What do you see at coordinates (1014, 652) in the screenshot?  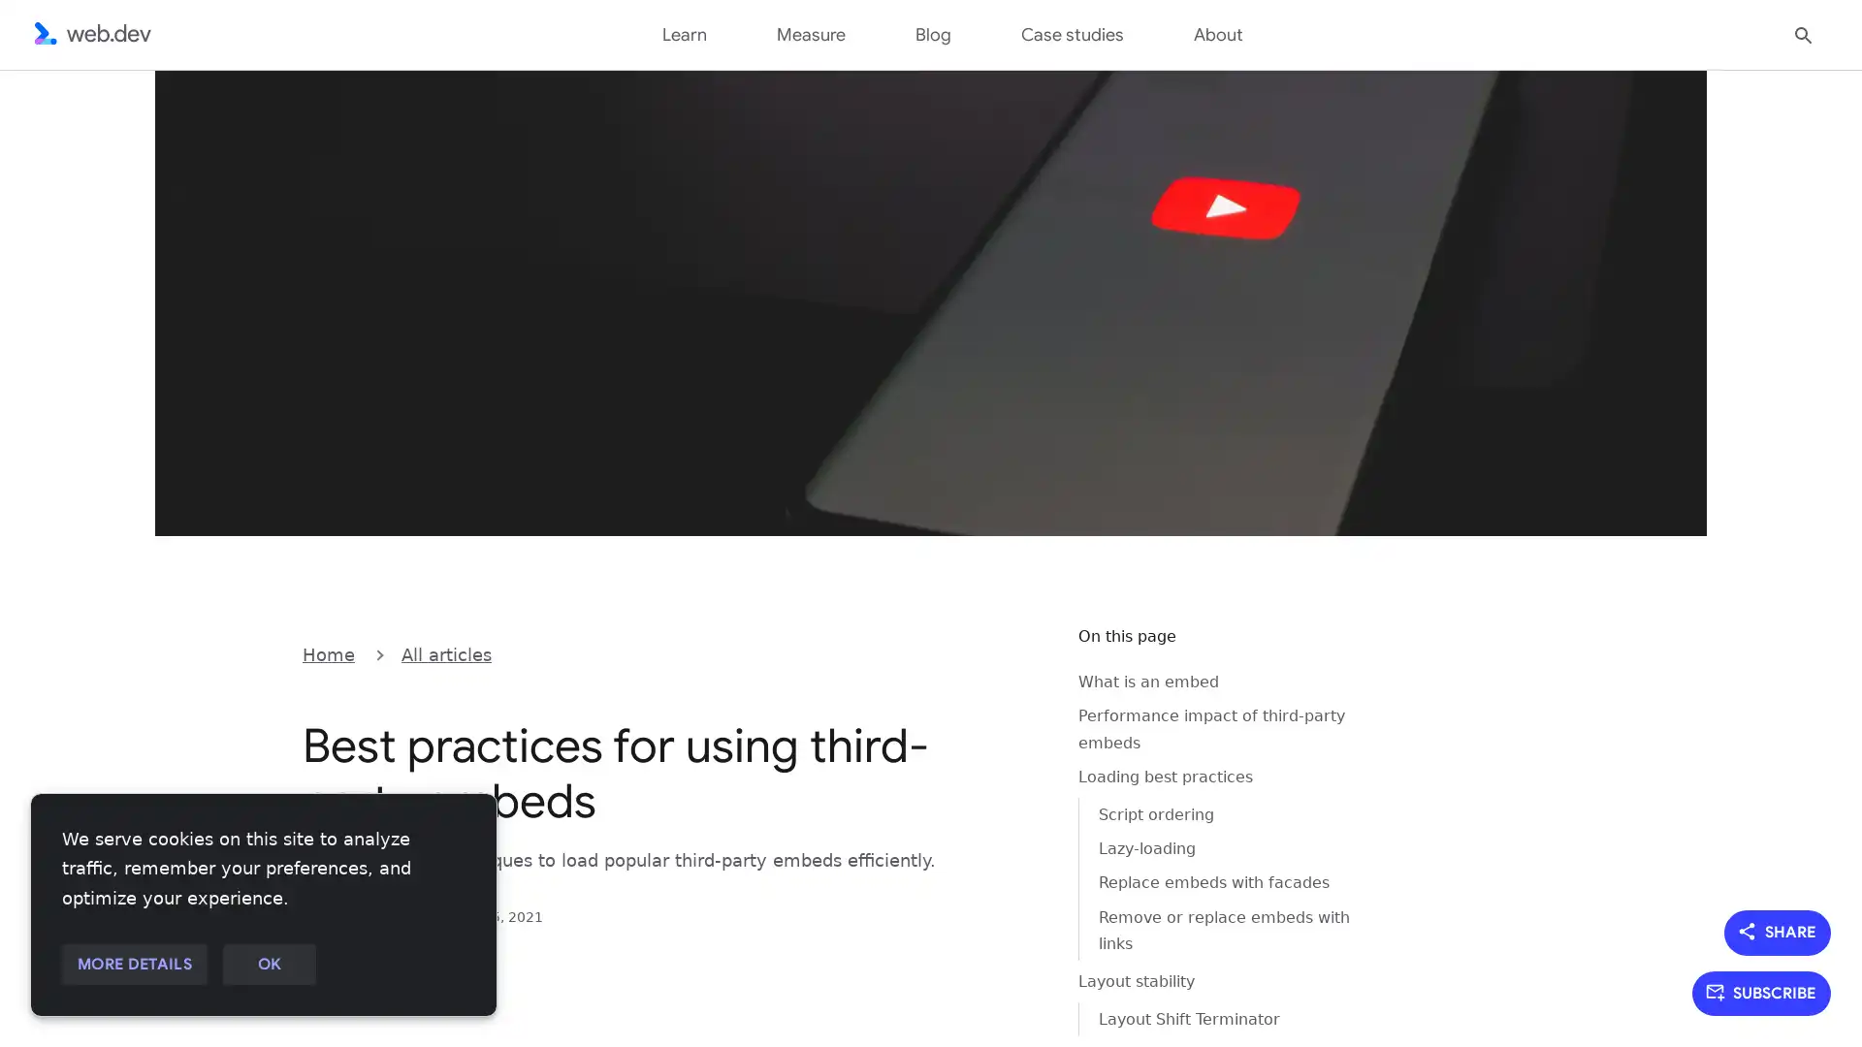 I see `Copy code` at bounding box center [1014, 652].